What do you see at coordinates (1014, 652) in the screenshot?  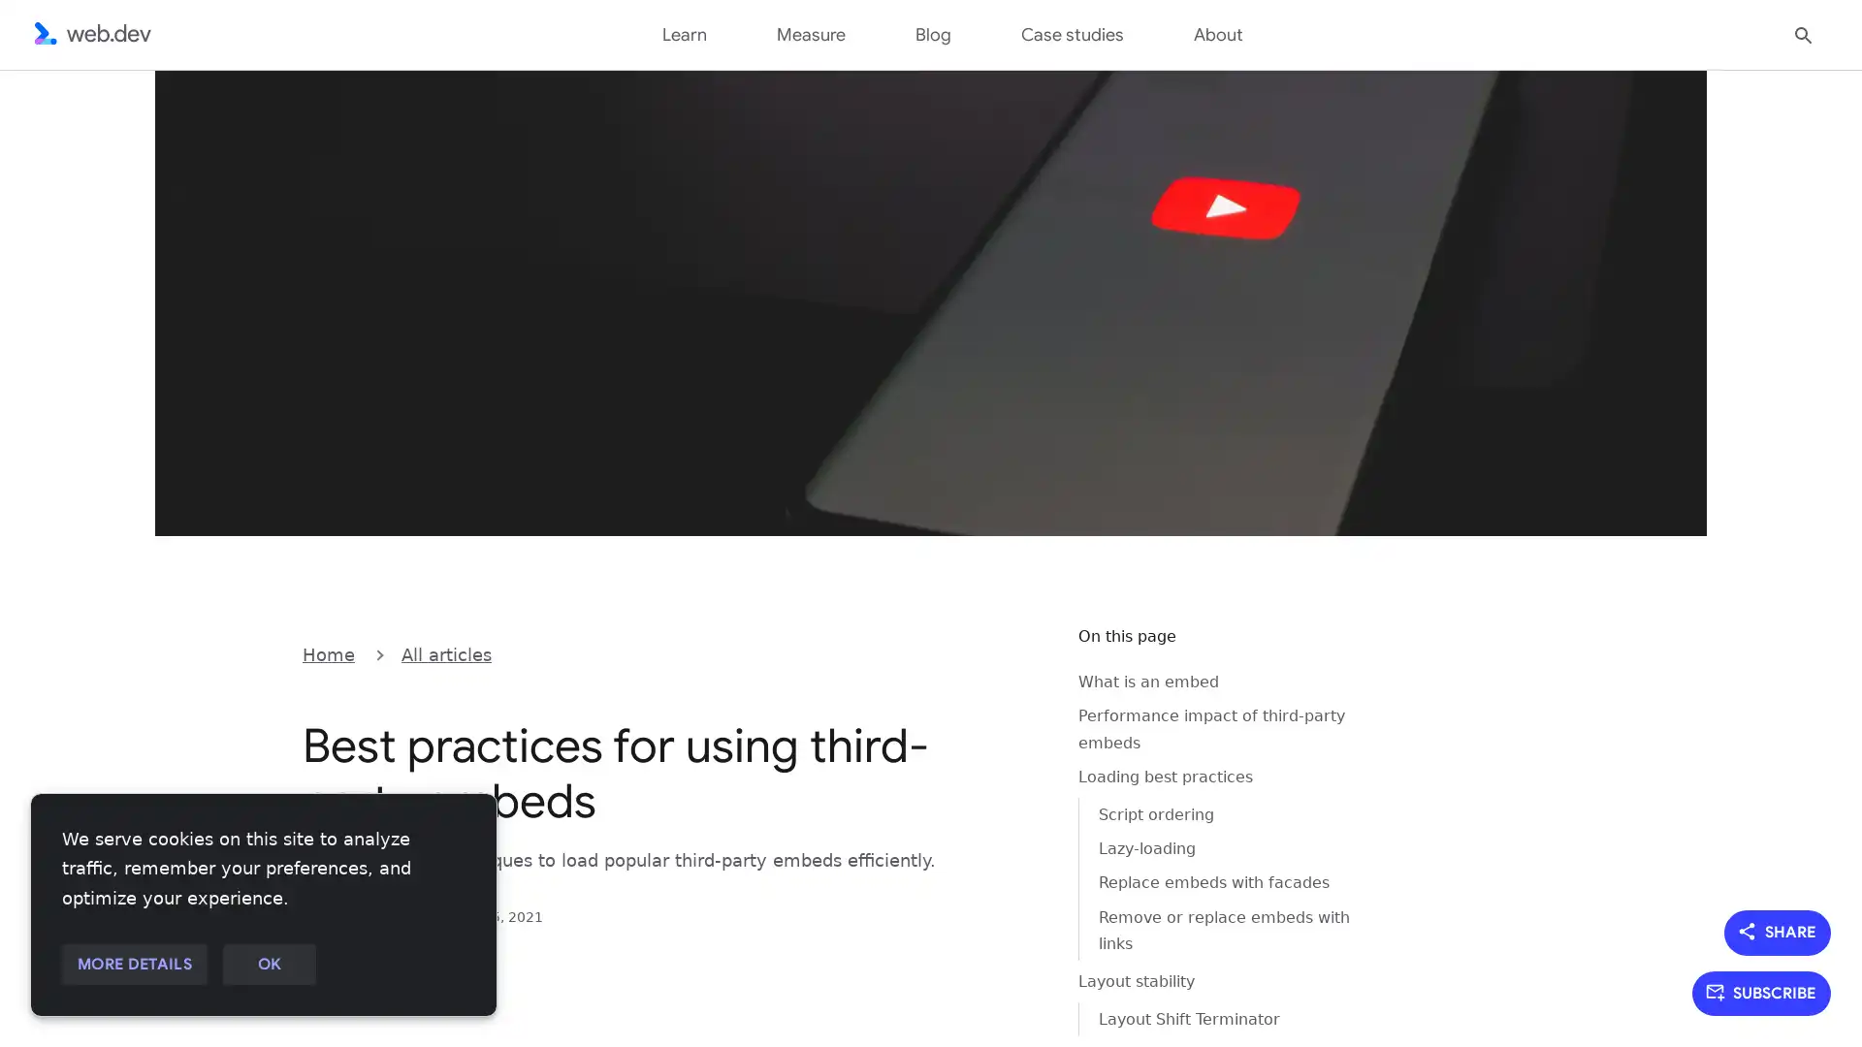 I see `Copy code` at bounding box center [1014, 652].